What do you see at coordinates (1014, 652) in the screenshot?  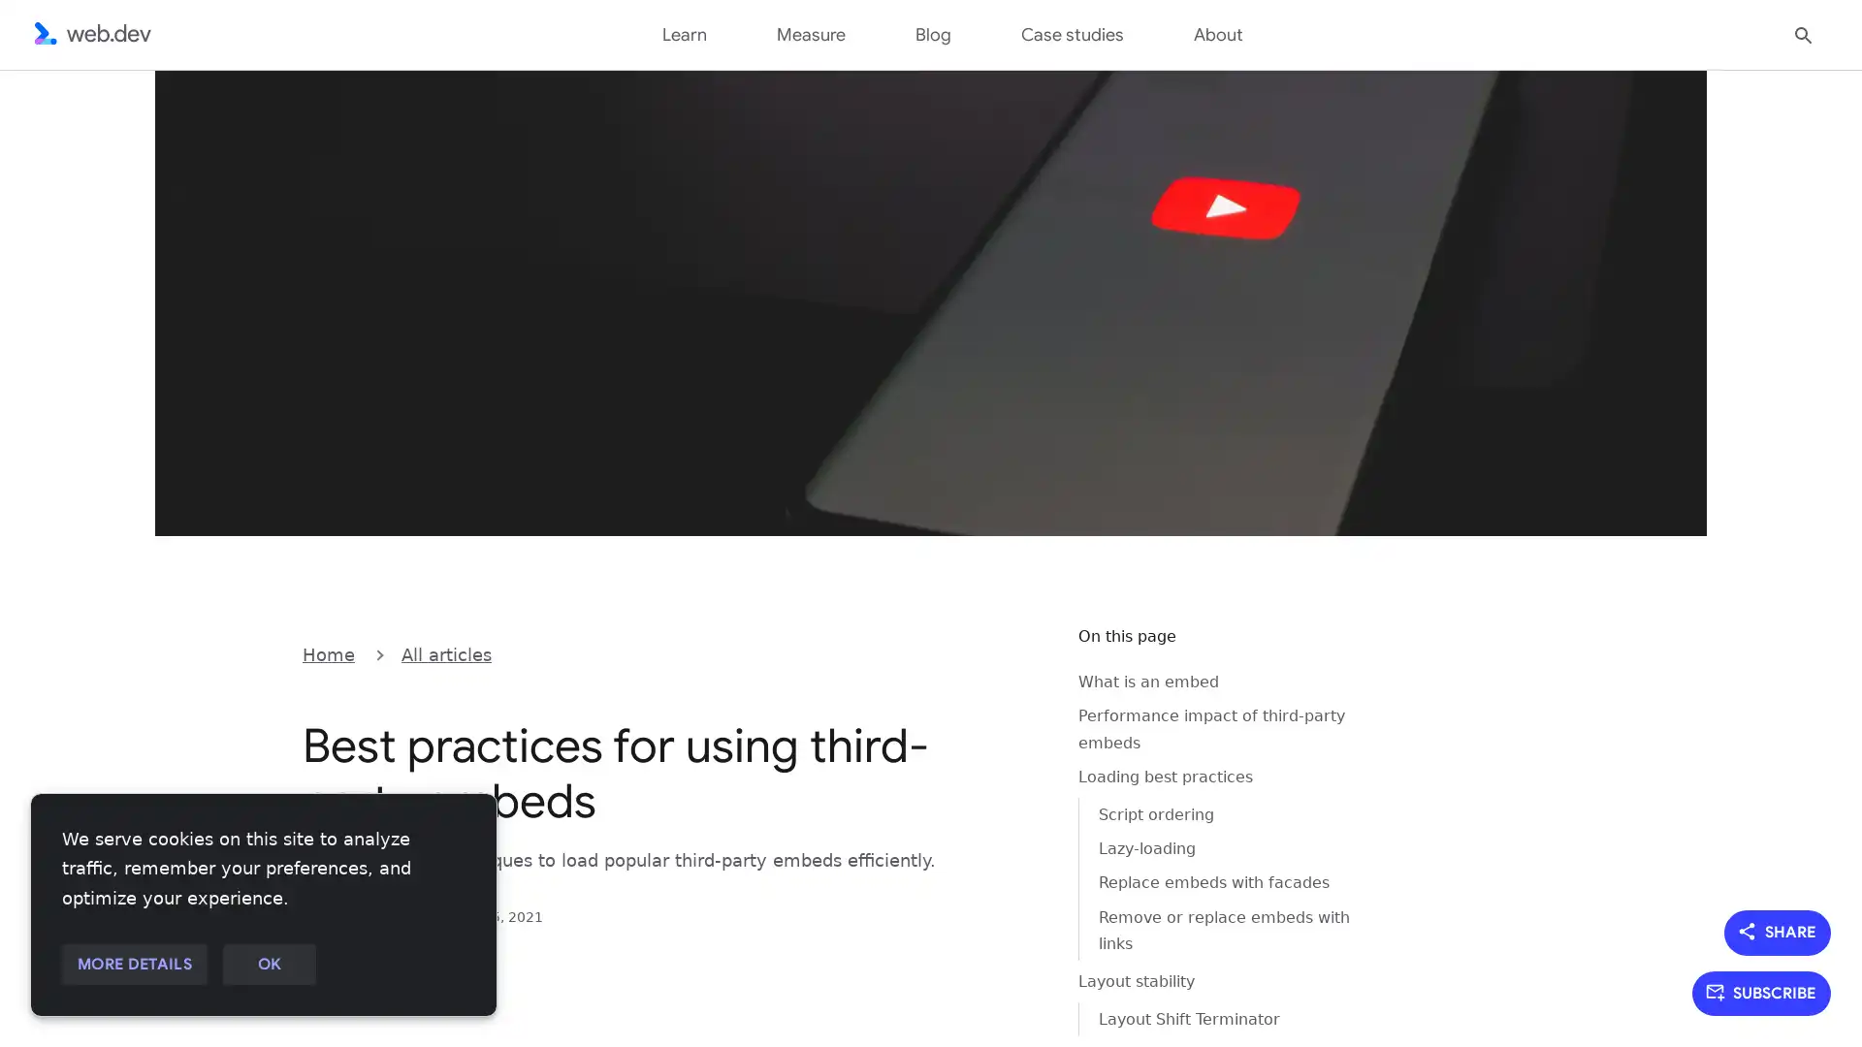 I see `Copy code` at bounding box center [1014, 652].